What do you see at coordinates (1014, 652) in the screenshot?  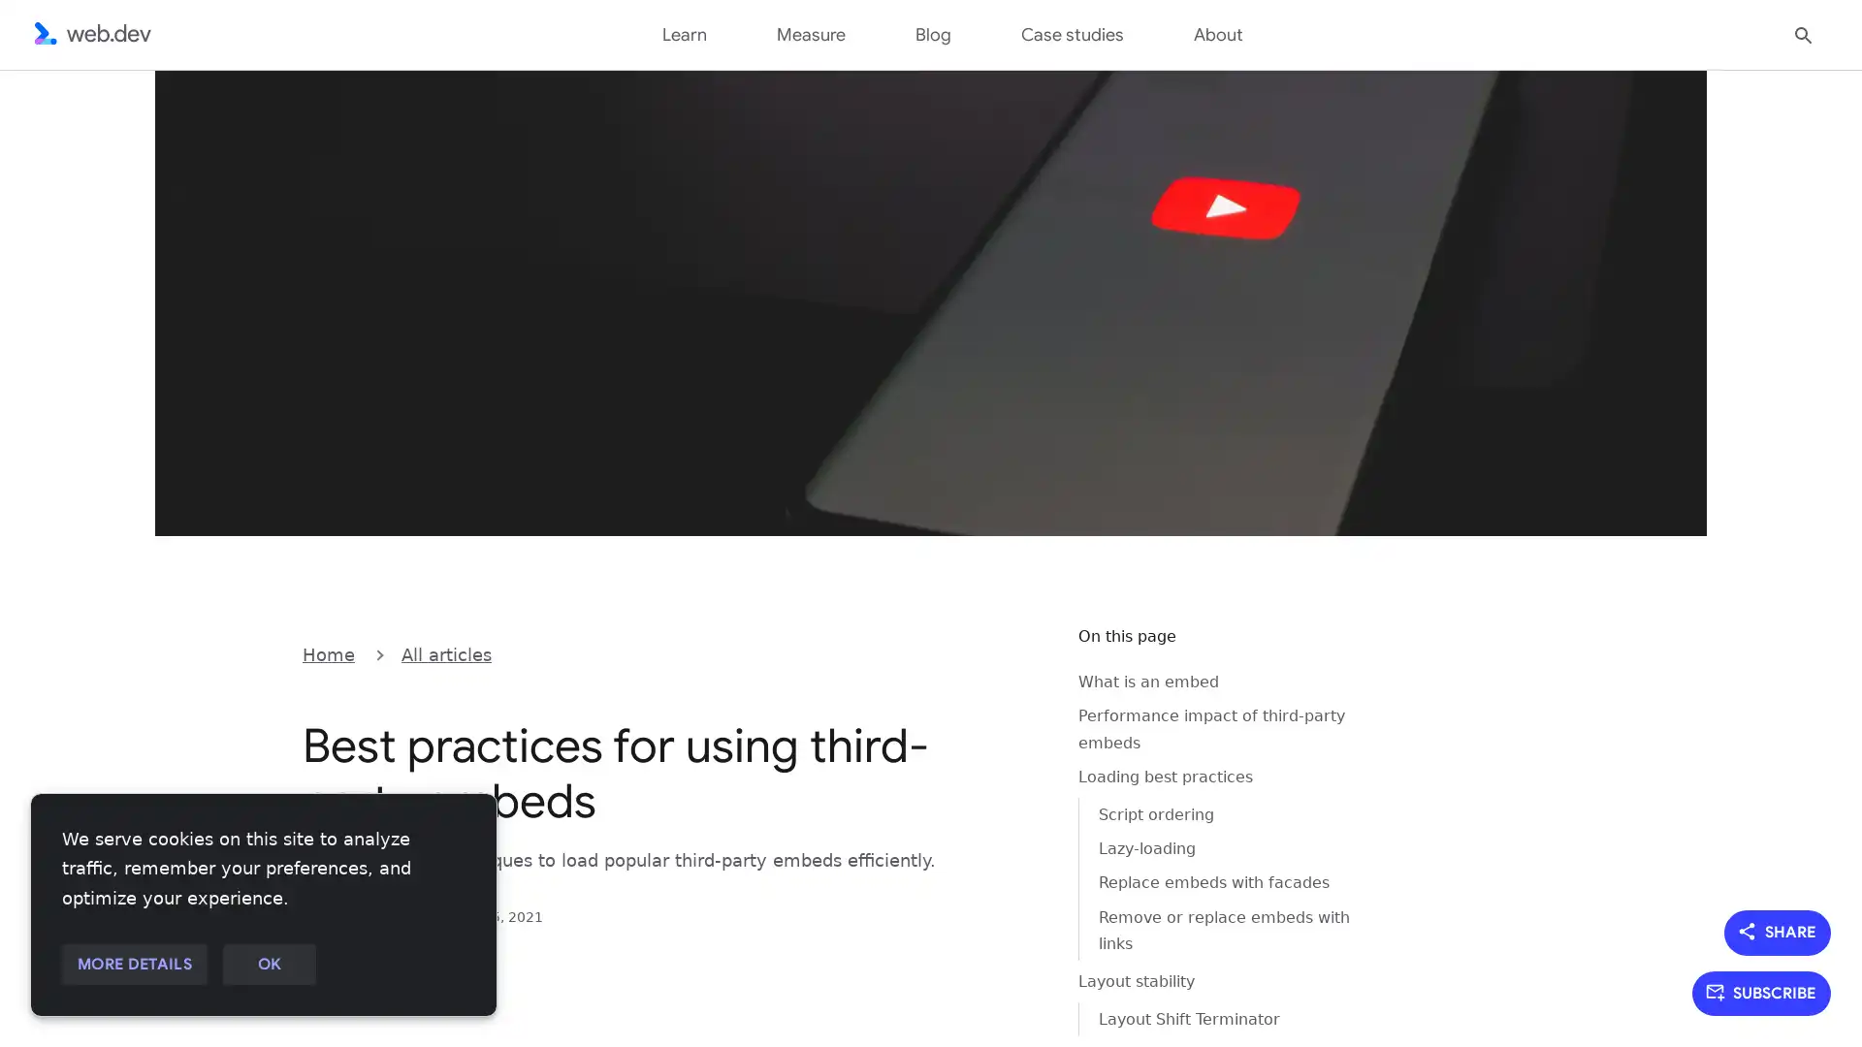 I see `Copy code` at bounding box center [1014, 652].